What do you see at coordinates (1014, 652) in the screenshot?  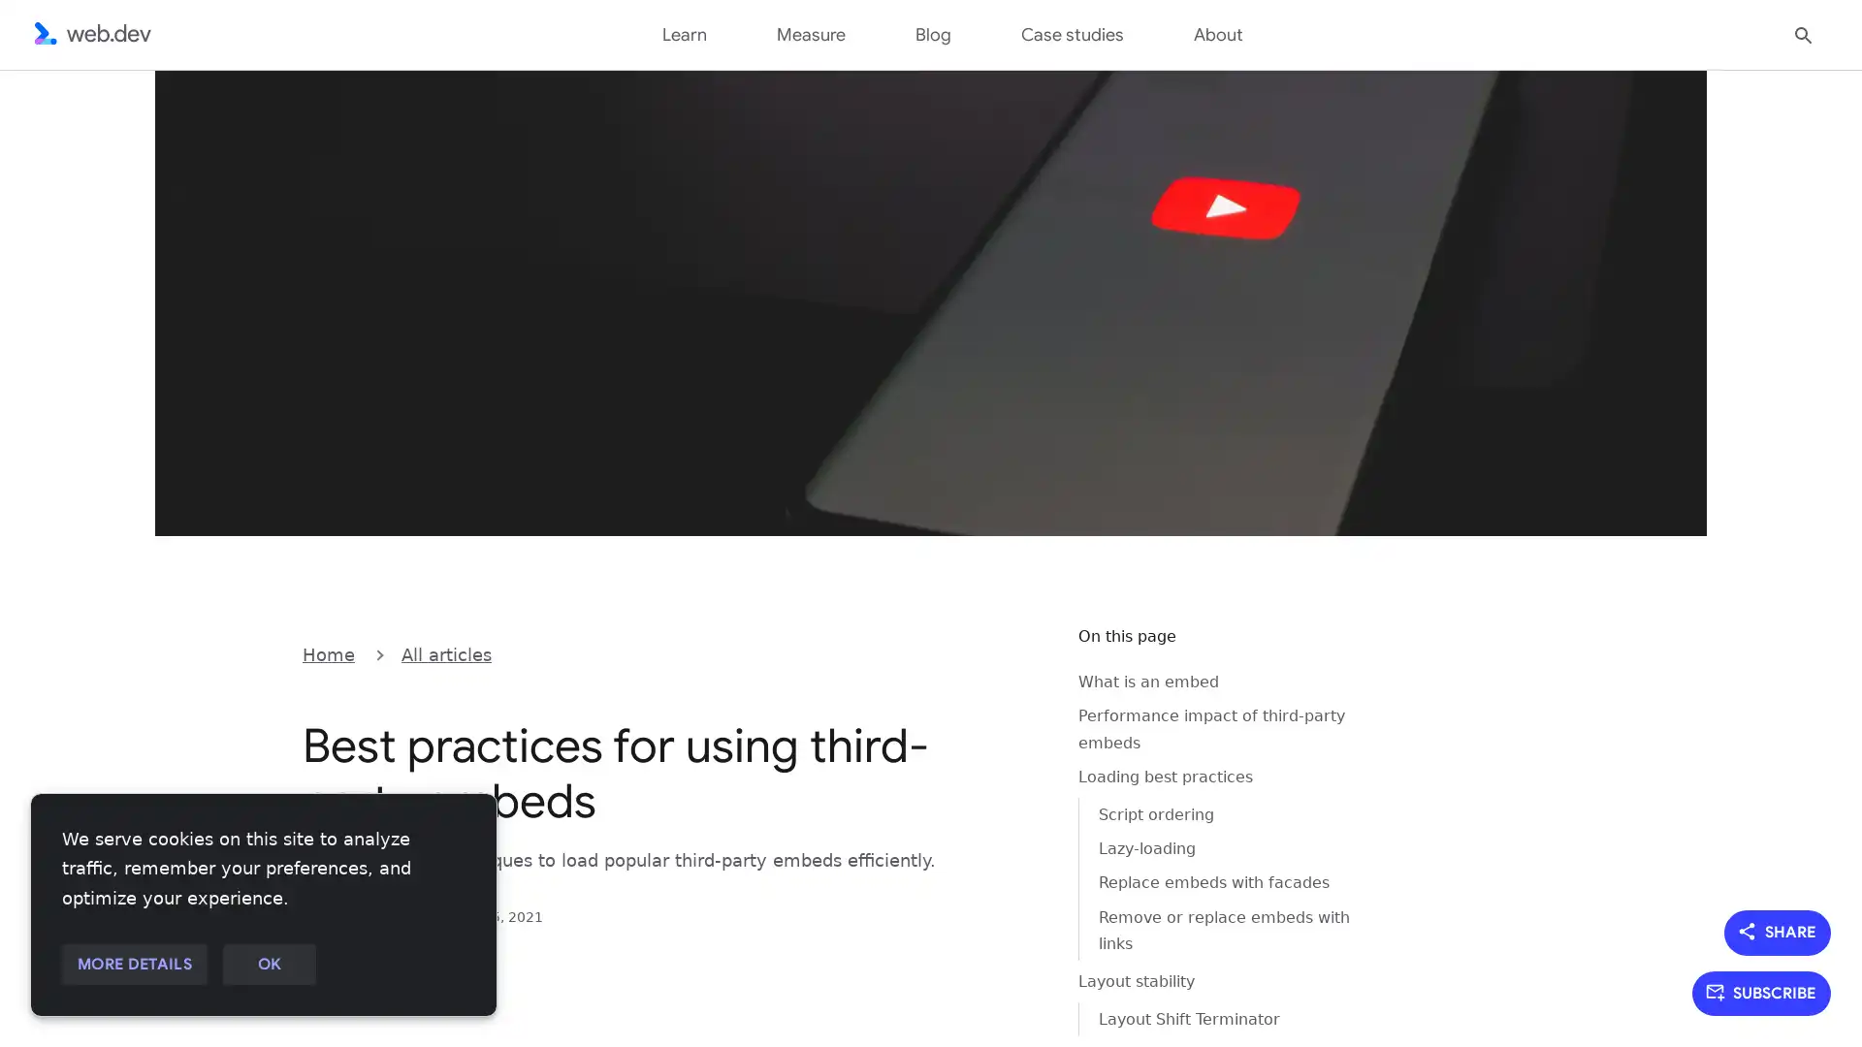 I see `Copy code` at bounding box center [1014, 652].